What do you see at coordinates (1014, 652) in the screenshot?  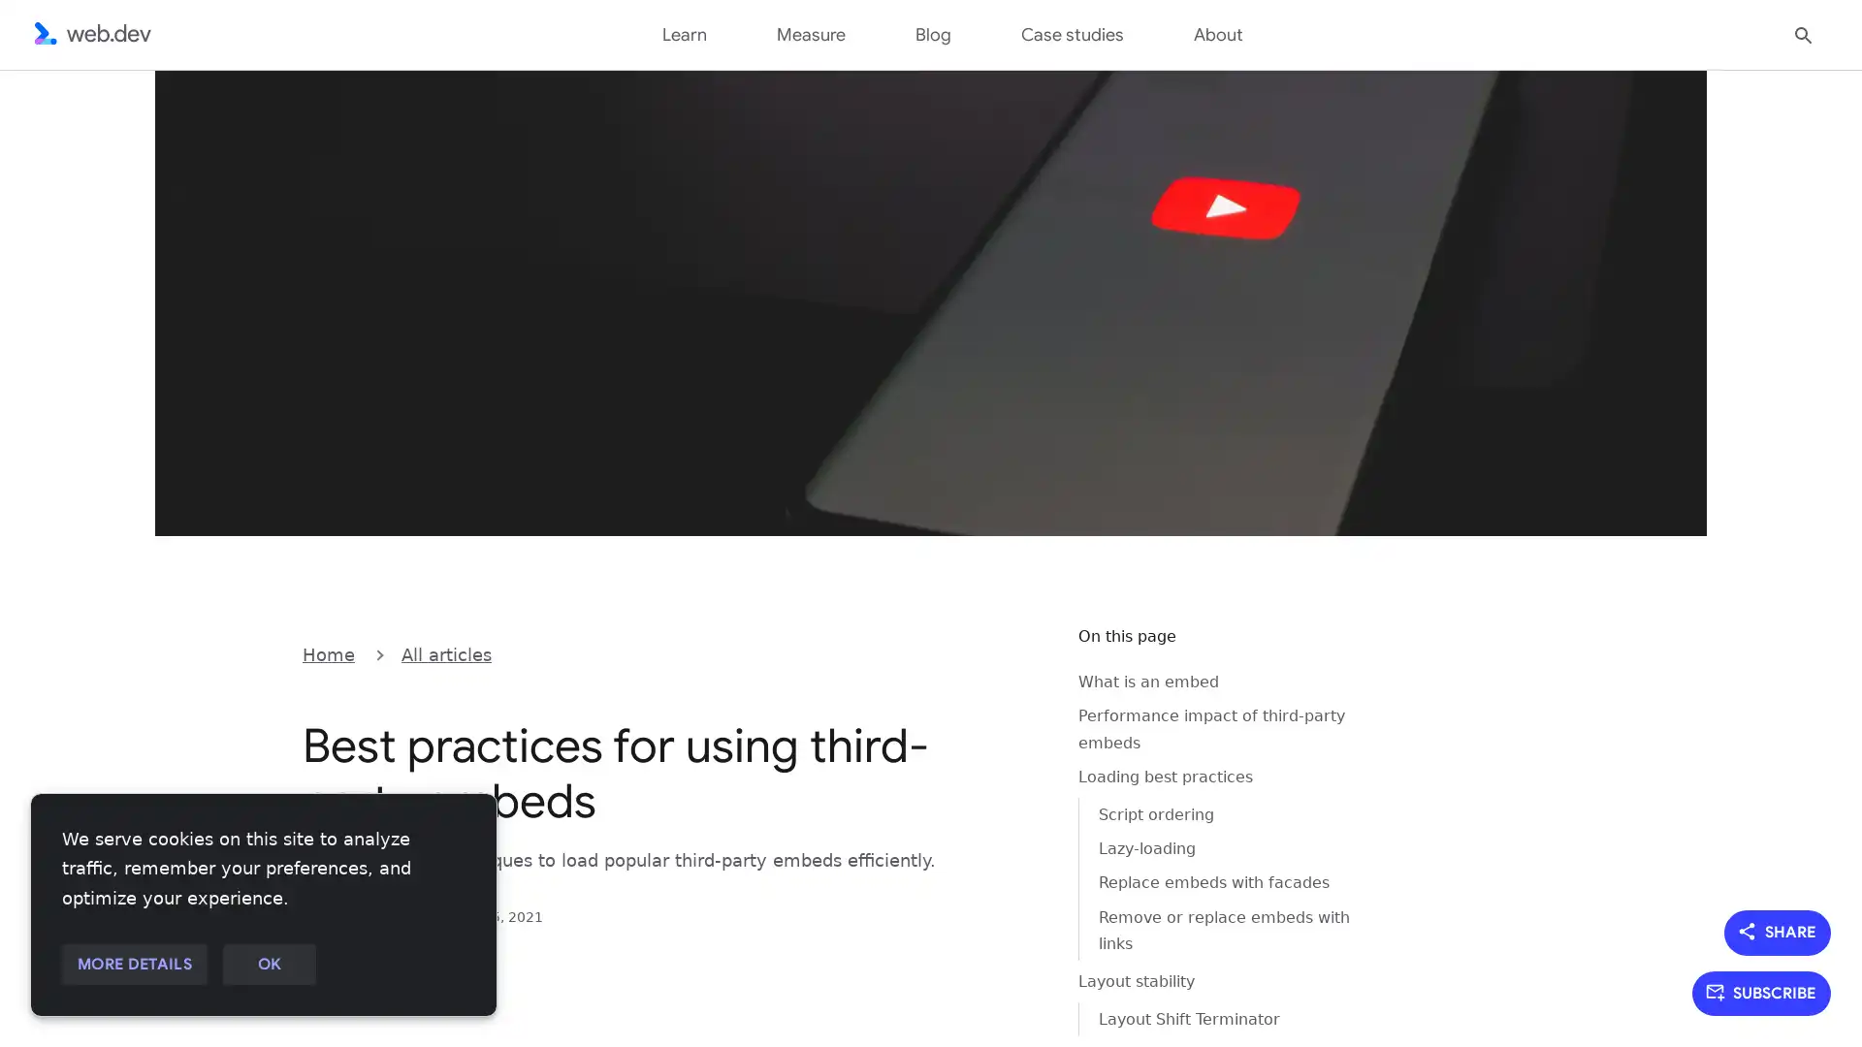 I see `Copy code` at bounding box center [1014, 652].